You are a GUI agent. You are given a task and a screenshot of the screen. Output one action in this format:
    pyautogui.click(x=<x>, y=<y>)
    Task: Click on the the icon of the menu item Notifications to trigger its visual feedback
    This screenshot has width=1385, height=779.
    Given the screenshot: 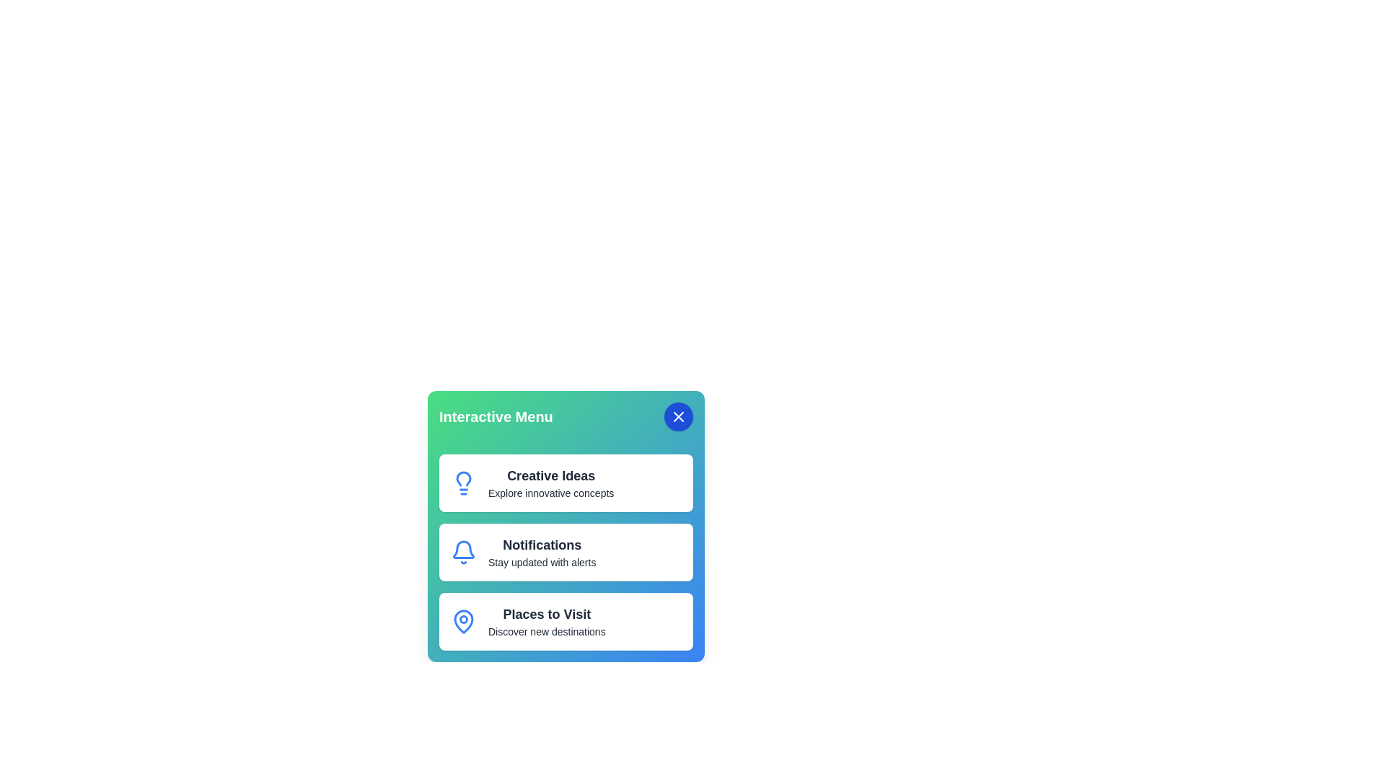 What is the action you would take?
    pyautogui.click(x=464, y=552)
    